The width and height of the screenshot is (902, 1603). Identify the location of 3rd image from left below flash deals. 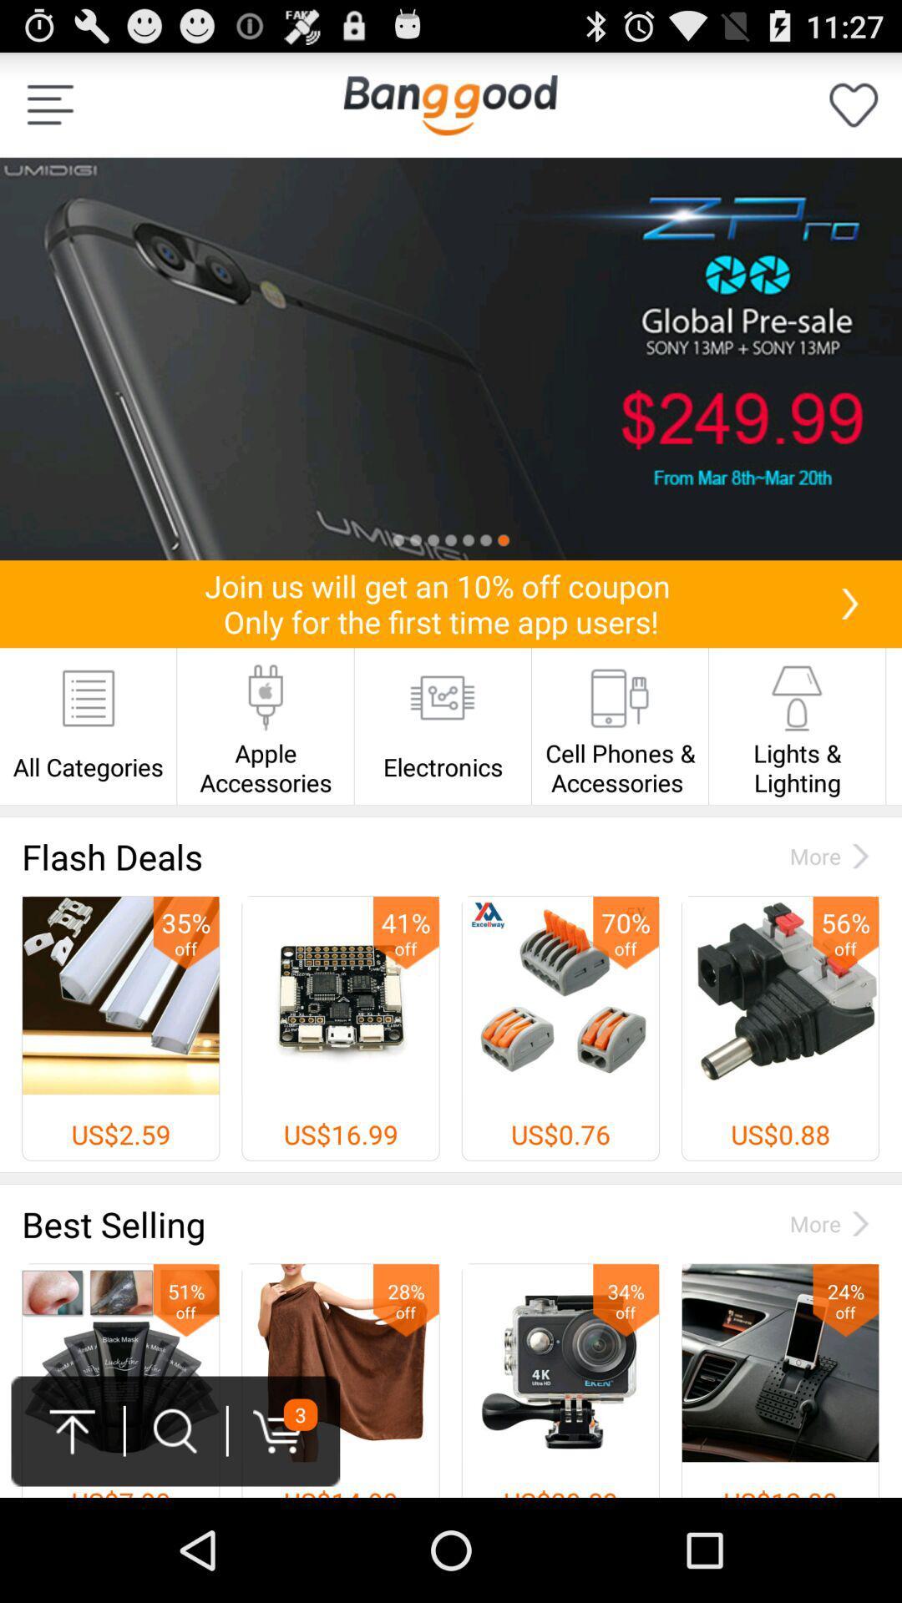
(560, 1028).